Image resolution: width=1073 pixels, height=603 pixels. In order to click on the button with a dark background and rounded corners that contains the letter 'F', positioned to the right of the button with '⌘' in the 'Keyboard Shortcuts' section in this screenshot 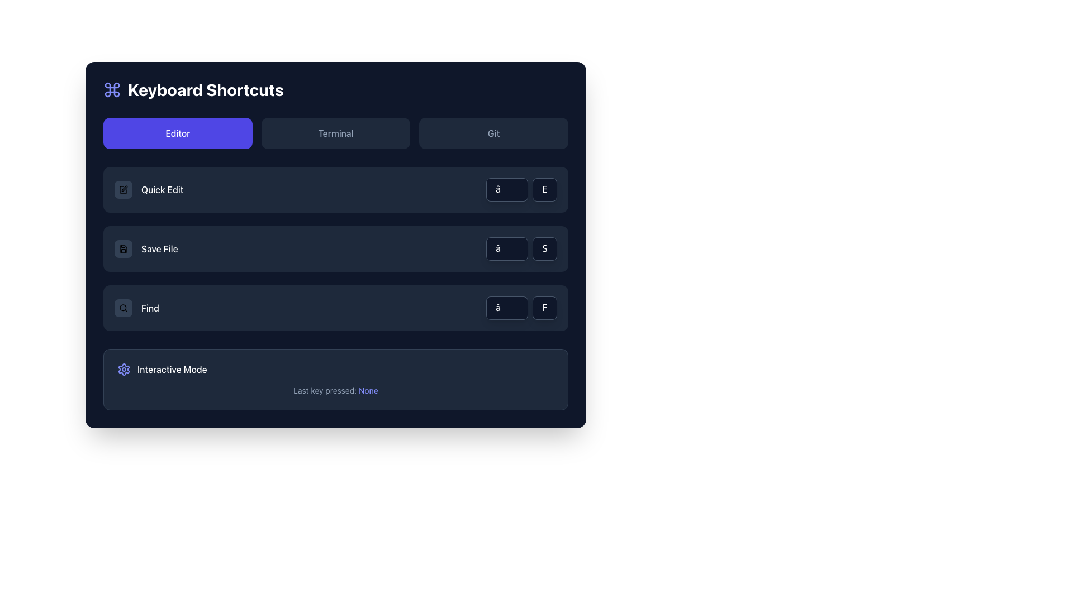, I will do `click(545, 308)`.